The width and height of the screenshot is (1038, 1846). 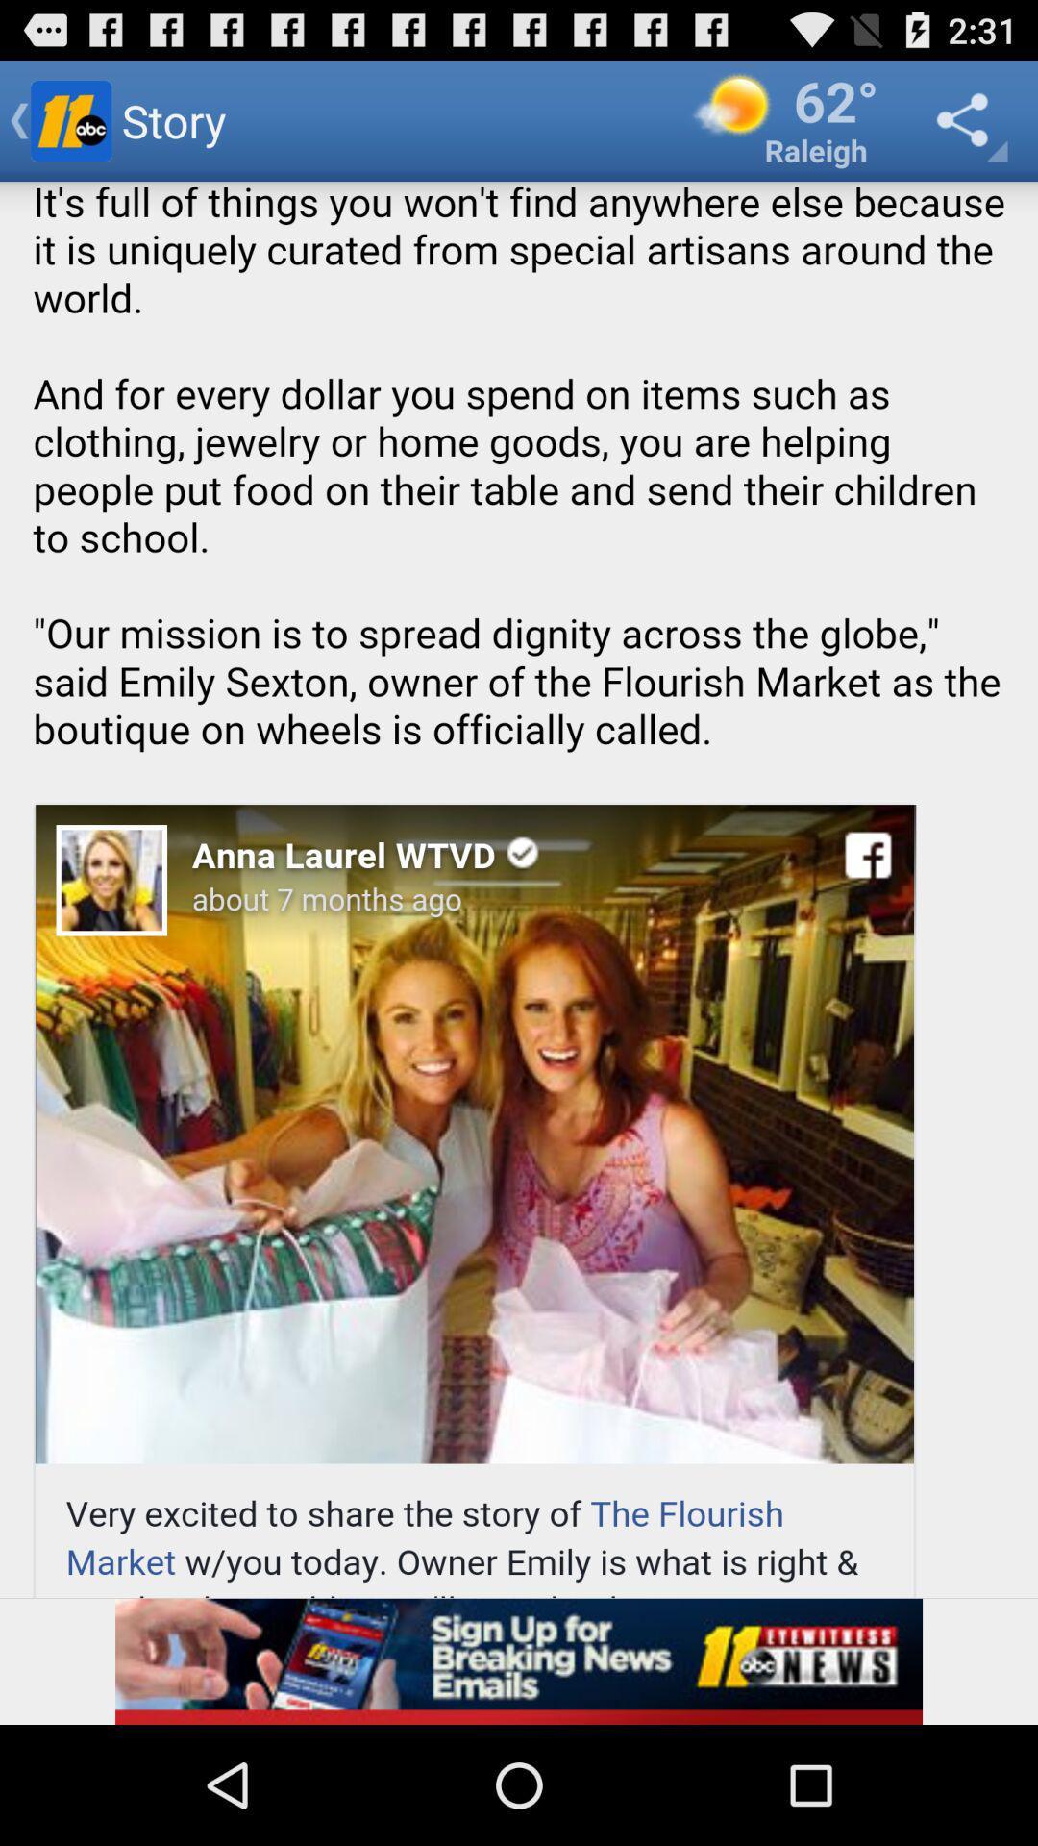 What do you see at coordinates (519, 1660) in the screenshot?
I see `advertisement website` at bounding box center [519, 1660].